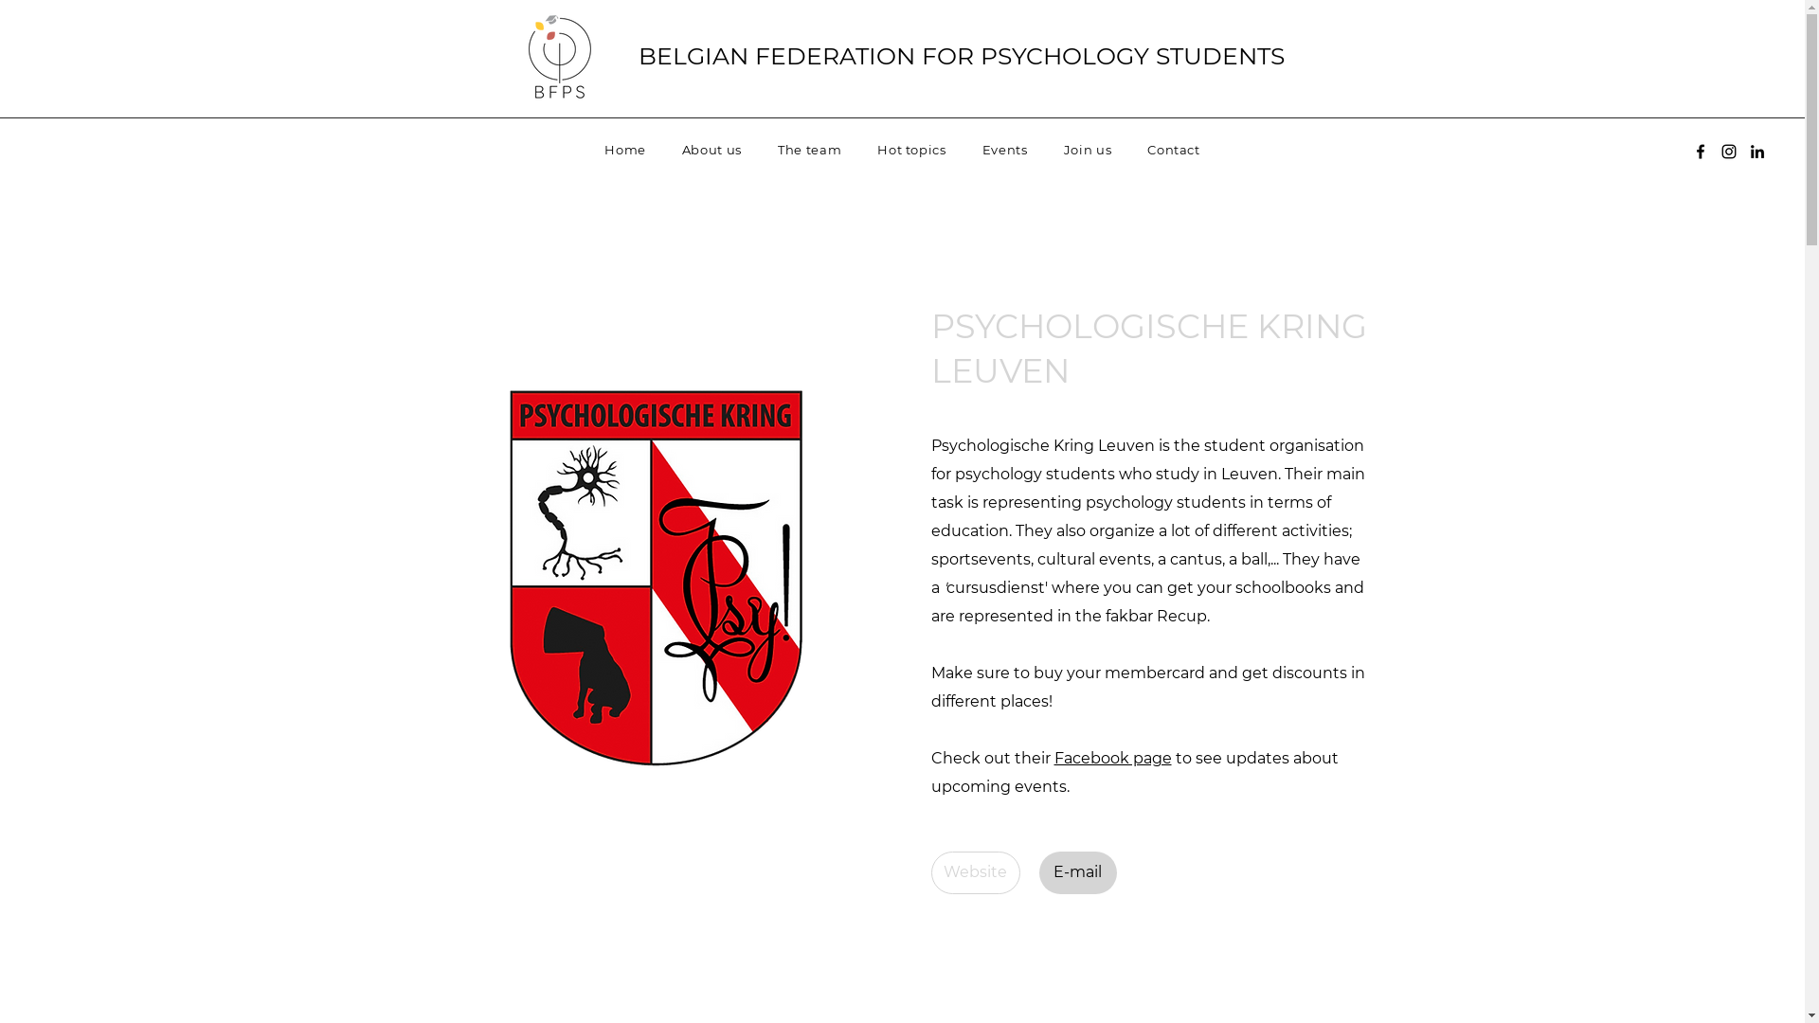 Image resolution: width=1819 pixels, height=1023 pixels. I want to click on 'BELGIAN FEDERATION FOR PSYCHOLOGY STUDENTS', so click(638, 54).